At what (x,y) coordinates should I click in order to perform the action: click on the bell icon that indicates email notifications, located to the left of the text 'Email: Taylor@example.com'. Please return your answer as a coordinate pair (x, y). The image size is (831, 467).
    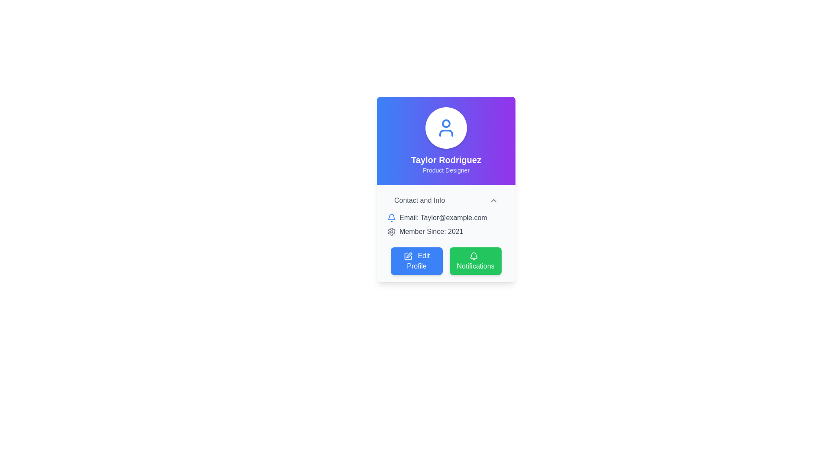
    Looking at the image, I should click on (391, 218).